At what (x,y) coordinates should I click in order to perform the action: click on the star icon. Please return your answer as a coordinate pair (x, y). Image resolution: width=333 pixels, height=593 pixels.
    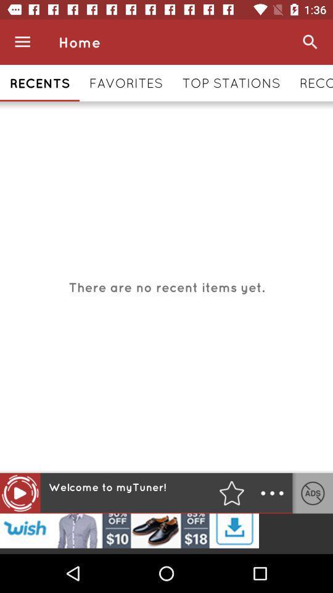
    Looking at the image, I should click on (231, 493).